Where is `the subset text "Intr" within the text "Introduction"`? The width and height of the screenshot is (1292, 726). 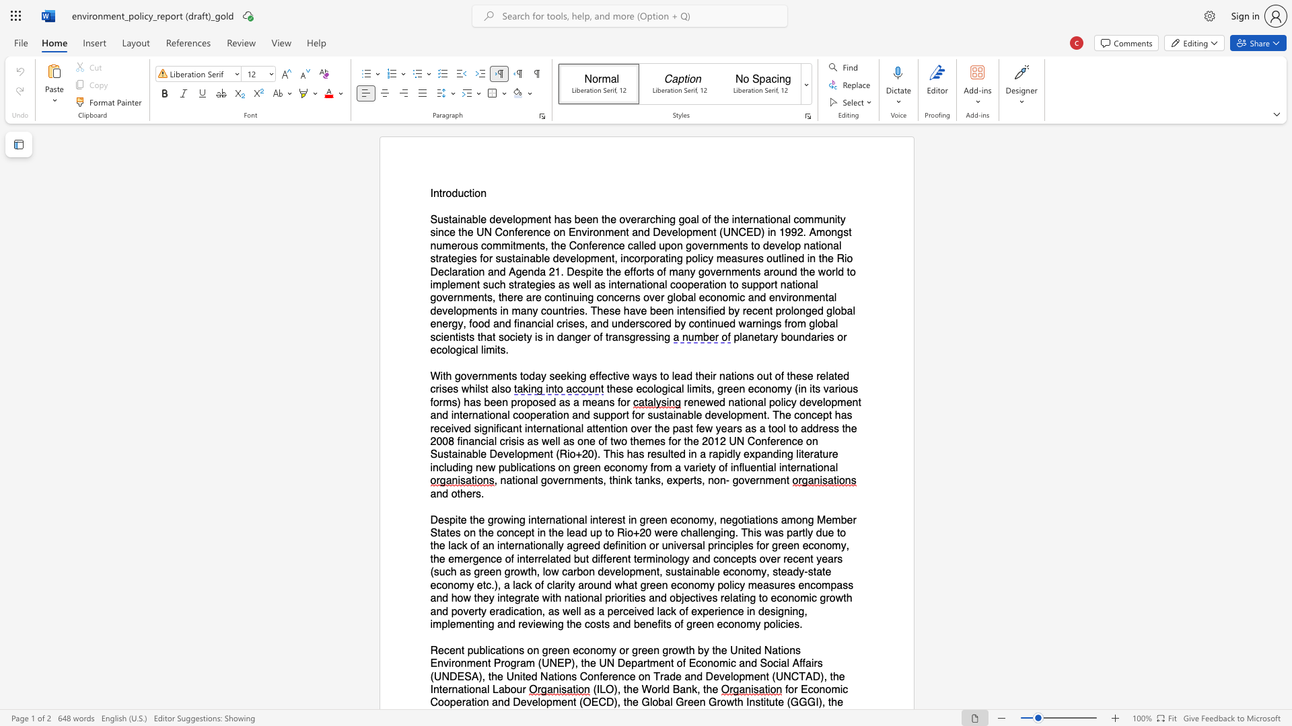
the subset text "Intr" within the text "Introduction" is located at coordinates (429, 194).